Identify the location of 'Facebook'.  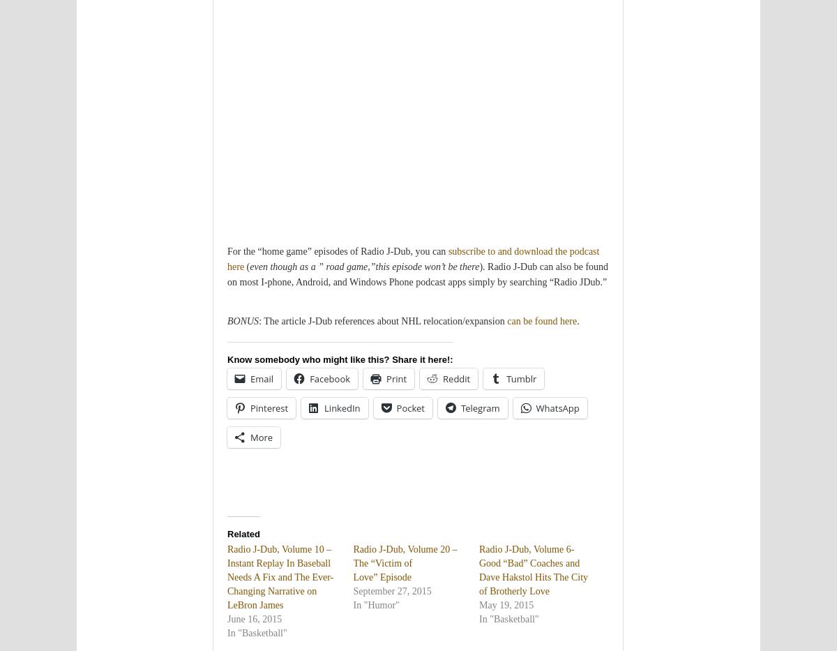
(329, 378).